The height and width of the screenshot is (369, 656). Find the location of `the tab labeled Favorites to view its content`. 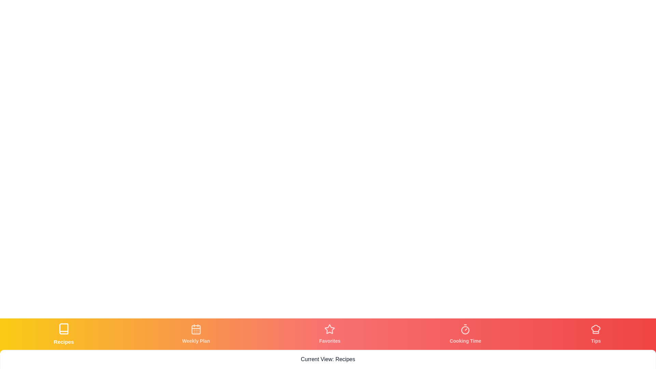

the tab labeled Favorites to view its content is located at coordinates (329, 334).